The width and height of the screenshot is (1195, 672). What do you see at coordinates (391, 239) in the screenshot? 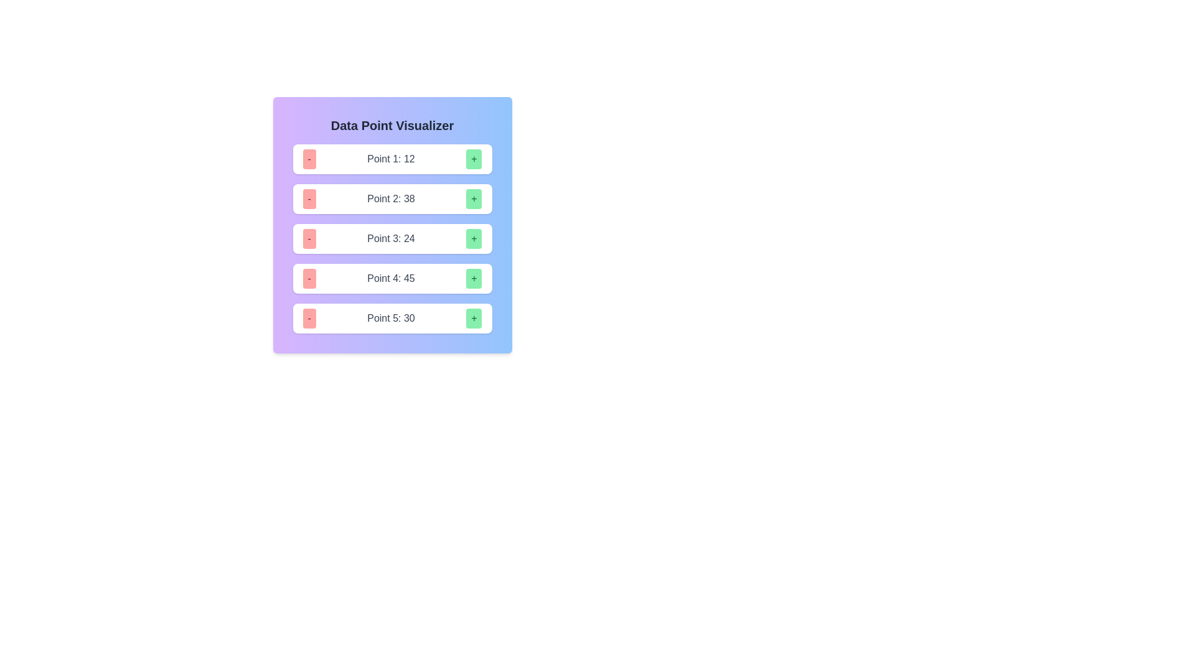
I see `the composite control element containing the buttons '-' and '+' along with the label 'Point 3: 24'` at bounding box center [391, 239].